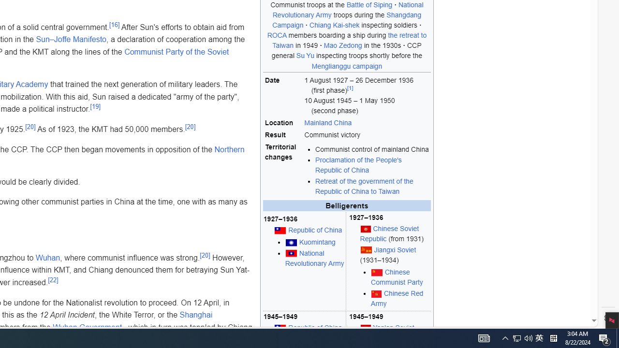  I want to click on 'Mainland China', so click(328, 122).